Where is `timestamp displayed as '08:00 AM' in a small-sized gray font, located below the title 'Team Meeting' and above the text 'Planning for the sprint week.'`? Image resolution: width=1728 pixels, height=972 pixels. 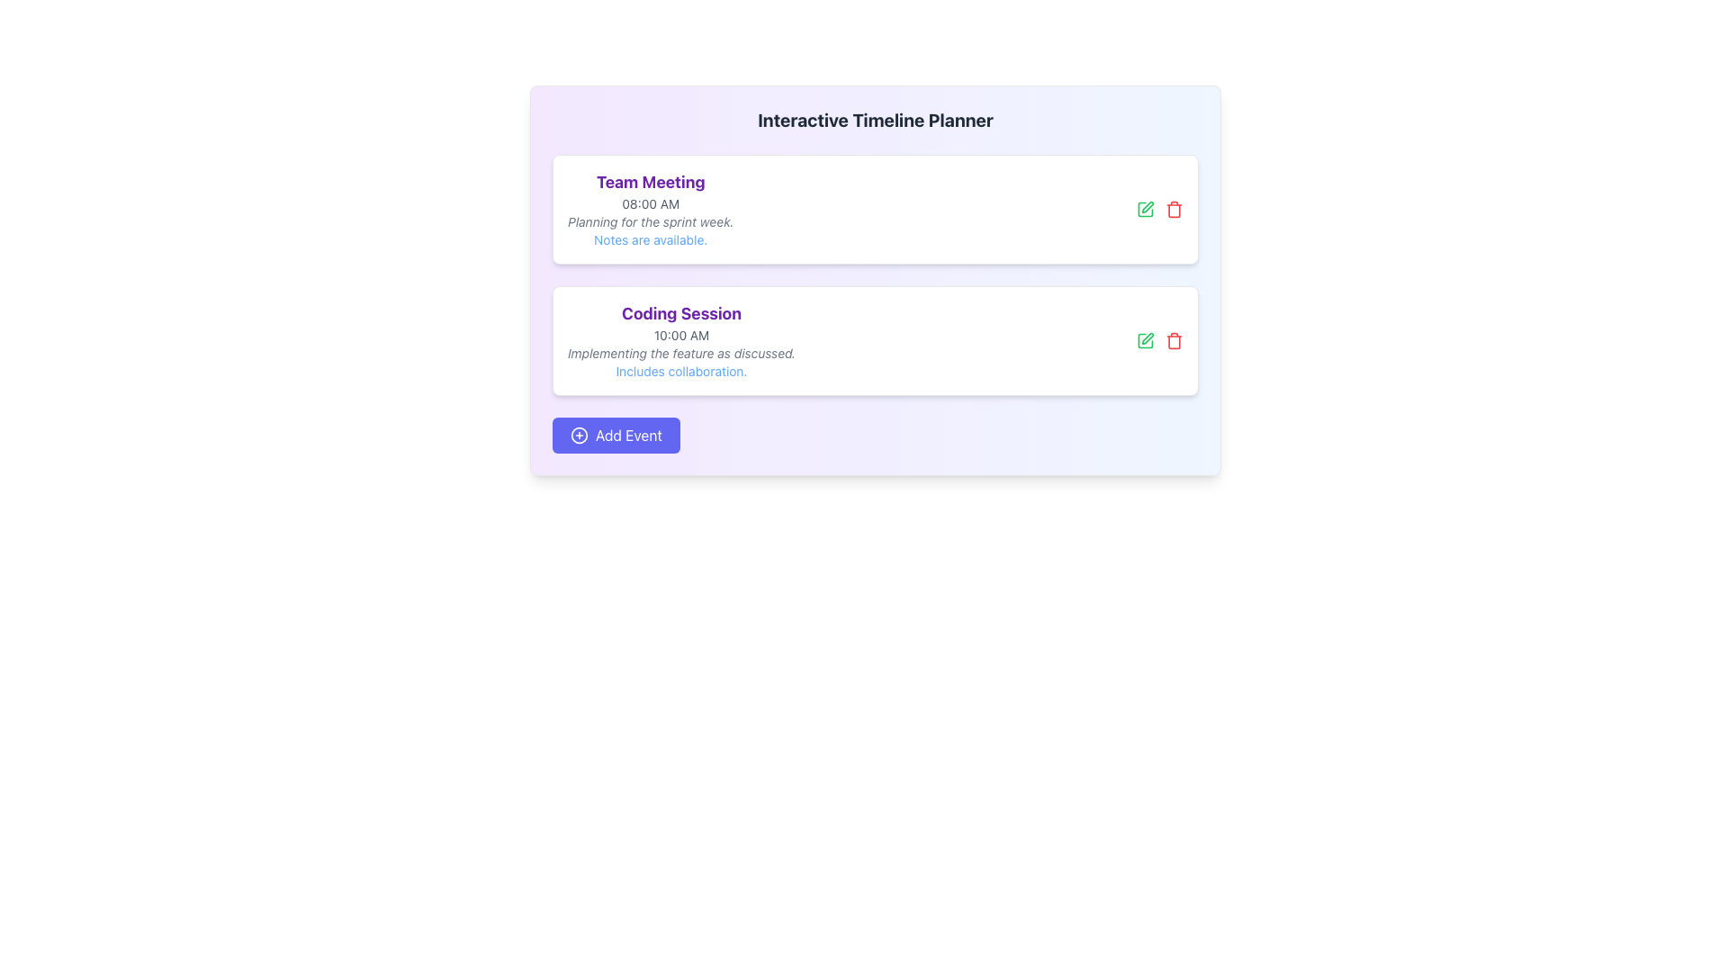 timestamp displayed as '08:00 AM' in a small-sized gray font, located below the title 'Team Meeting' and above the text 'Planning for the sprint week.' is located at coordinates (650, 203).